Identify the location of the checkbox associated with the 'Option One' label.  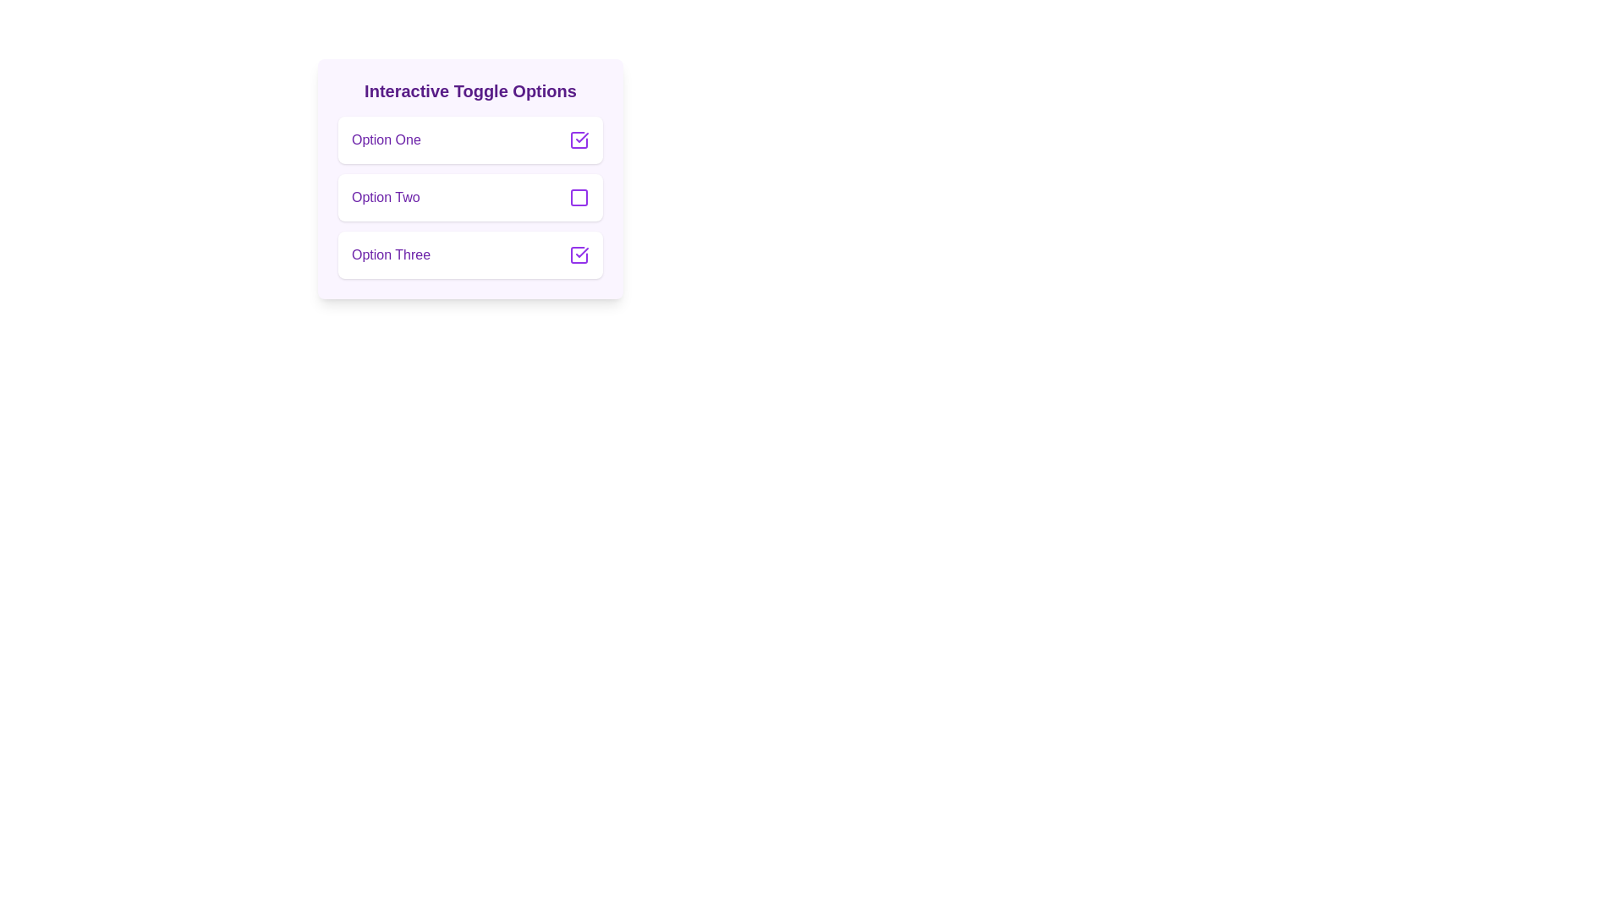
(582, 136).